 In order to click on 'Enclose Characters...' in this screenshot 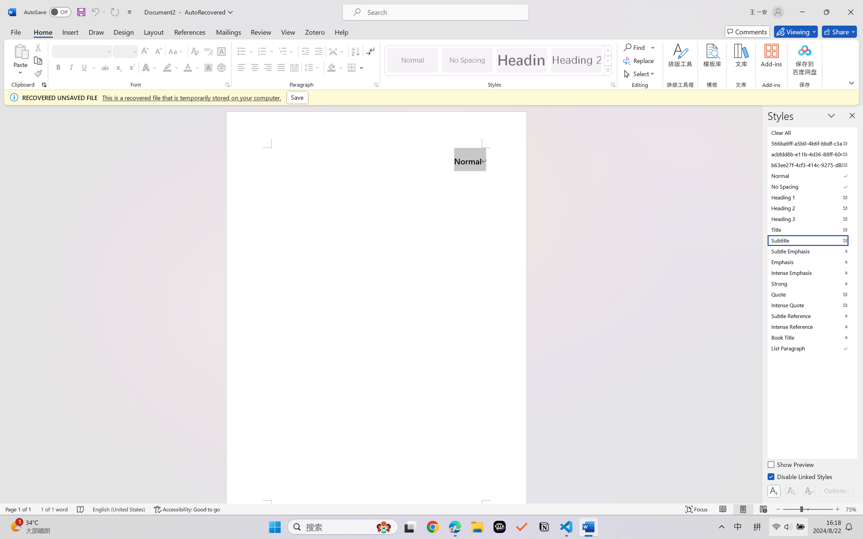, I will do `click(221, 67)`.